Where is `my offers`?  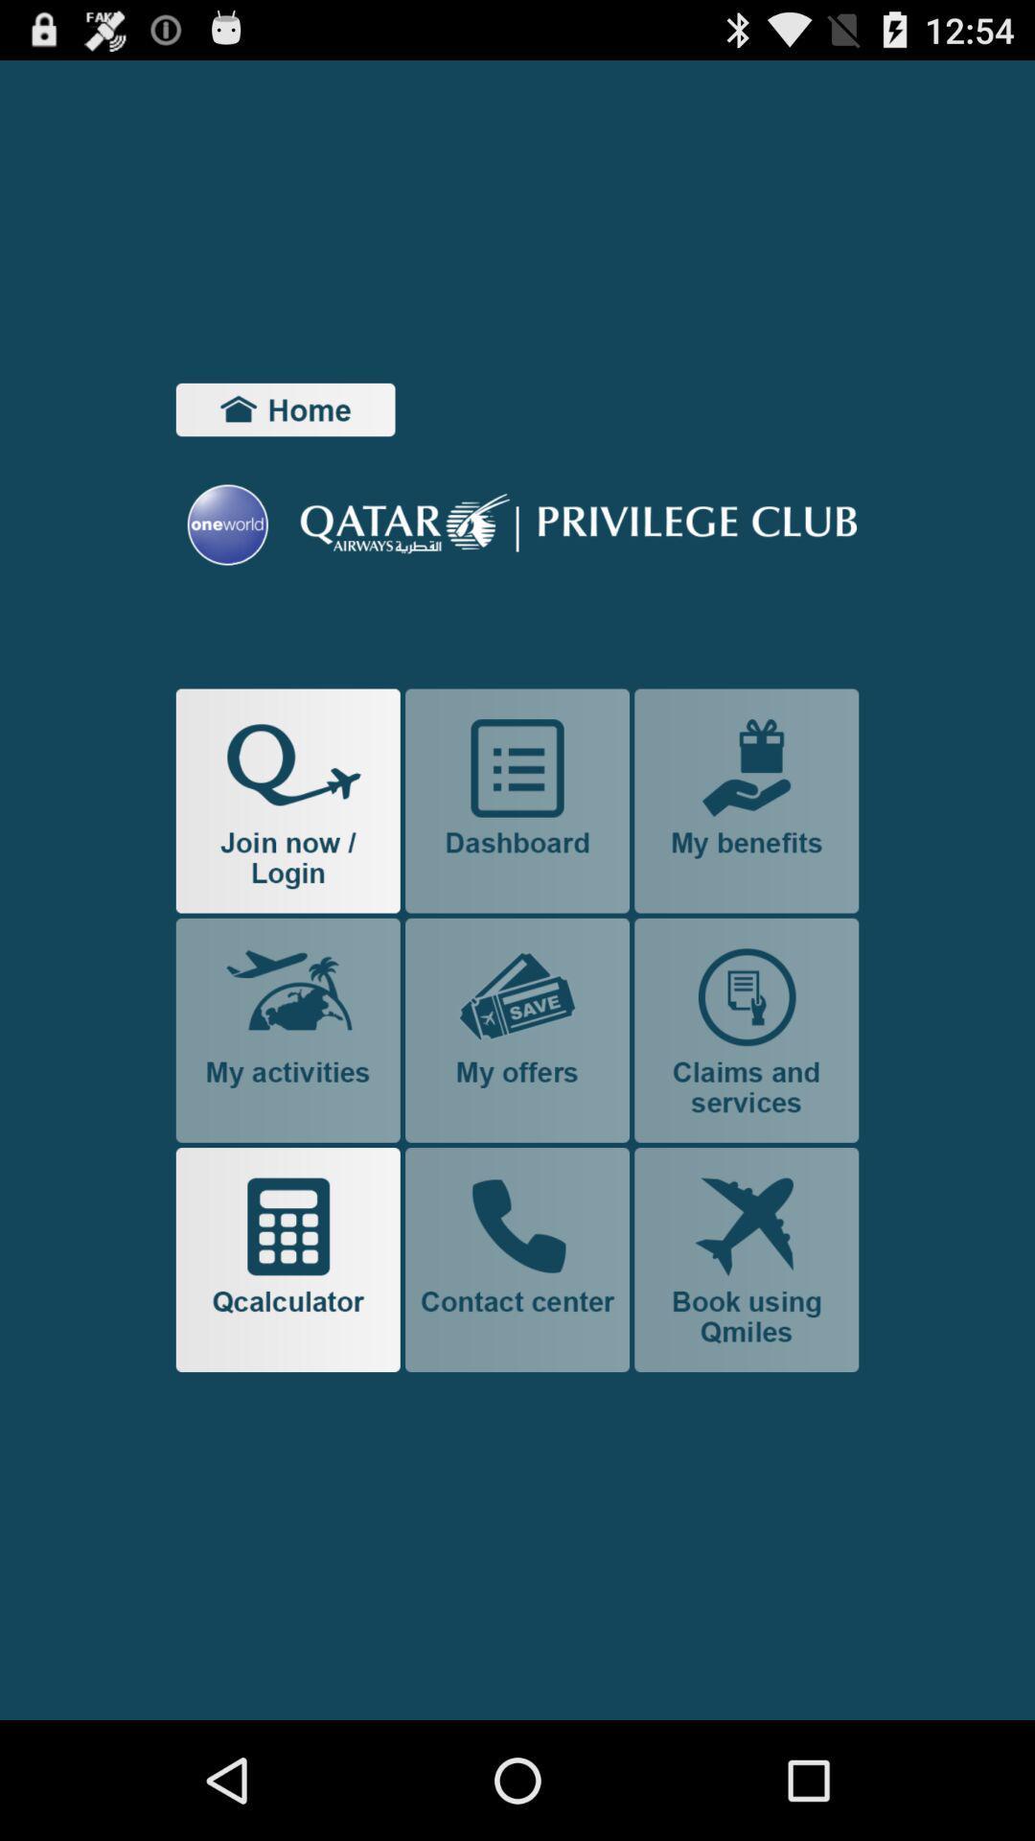 my offers is located at coordinates (517, 1029).